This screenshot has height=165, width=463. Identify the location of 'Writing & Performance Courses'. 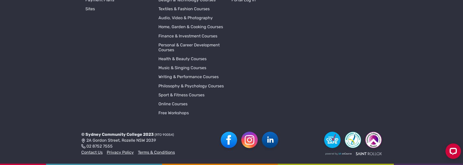
(188, 5).